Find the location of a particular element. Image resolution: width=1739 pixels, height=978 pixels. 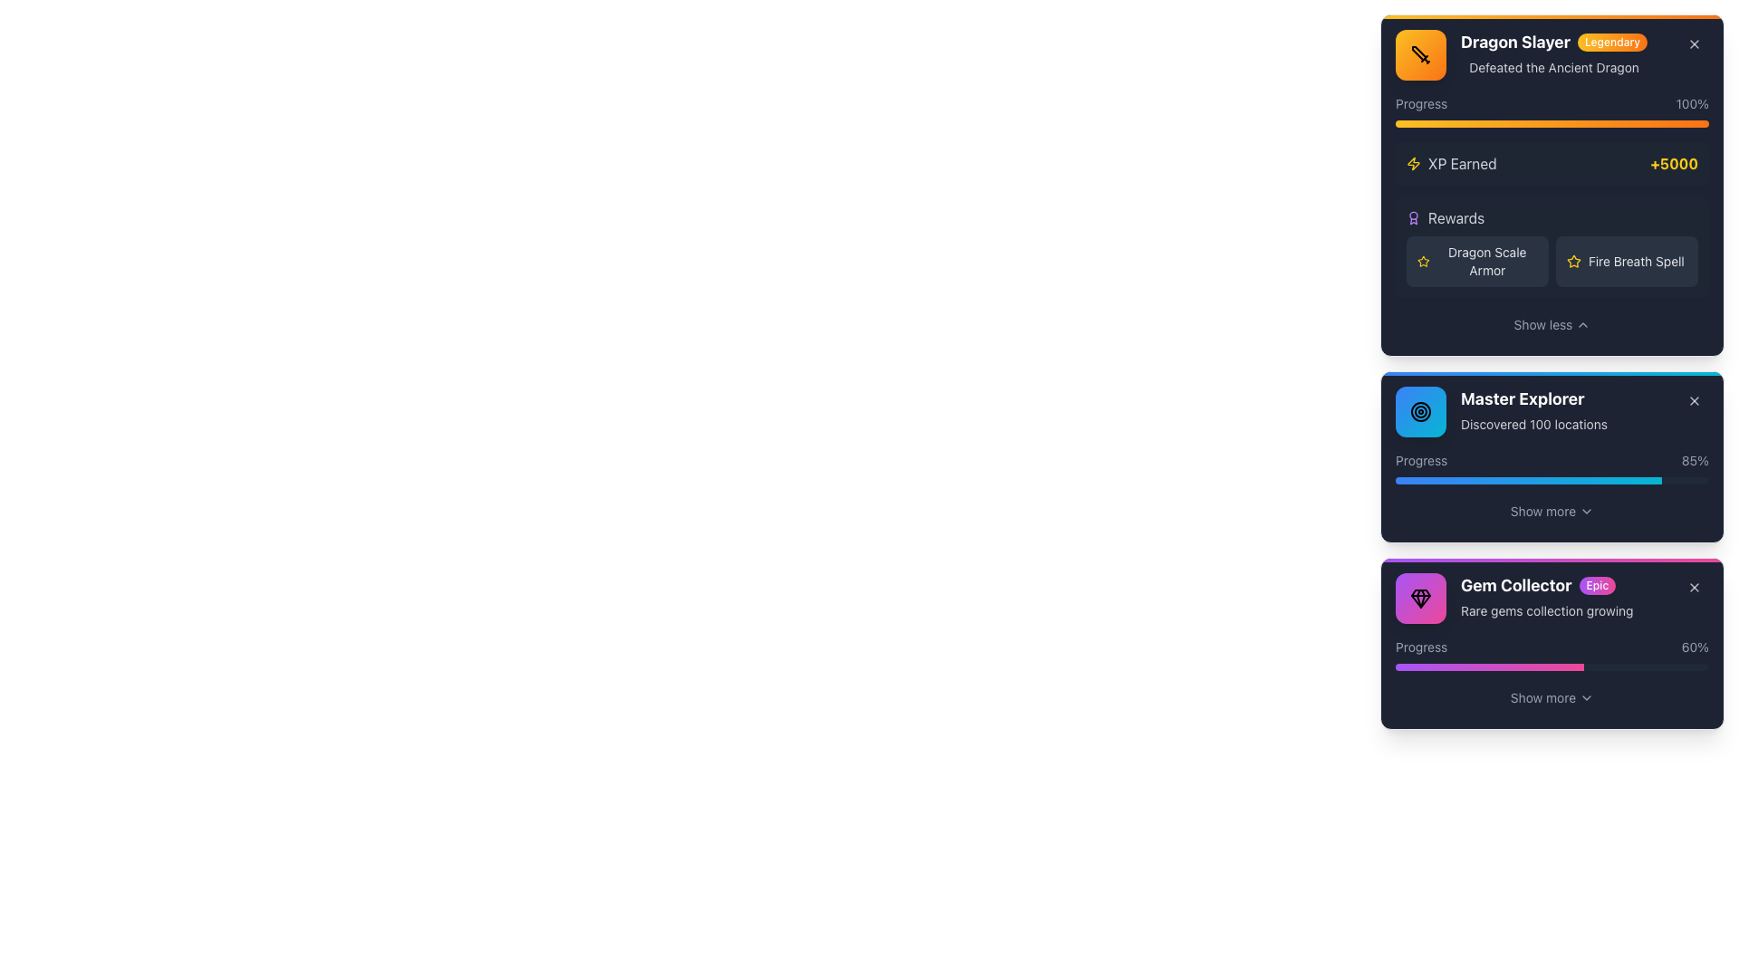

the progress value is located at coordinates (1411, 666).